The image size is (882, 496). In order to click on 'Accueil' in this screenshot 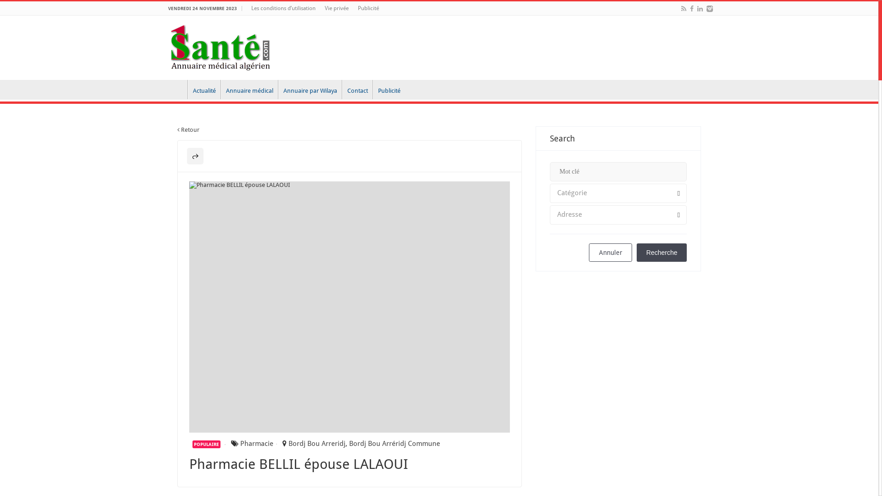, I will do `click(175, 90)`.